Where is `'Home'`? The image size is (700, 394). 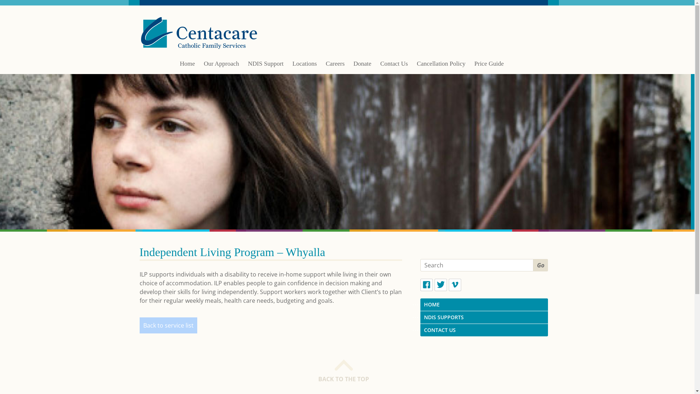
'Home' is located at coordinates (187, 67).